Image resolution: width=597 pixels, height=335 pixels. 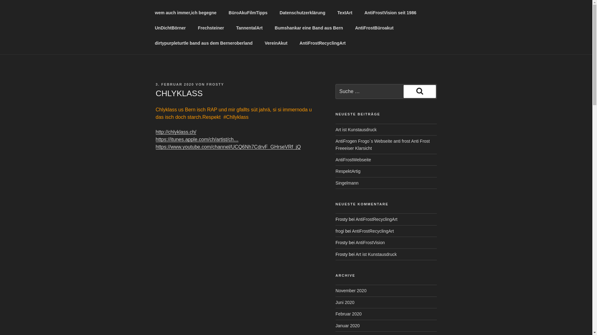 What do you see at coordinates (339, 231) in the screenshot?
I see `'frogi'` at bounding box center [339, 231].